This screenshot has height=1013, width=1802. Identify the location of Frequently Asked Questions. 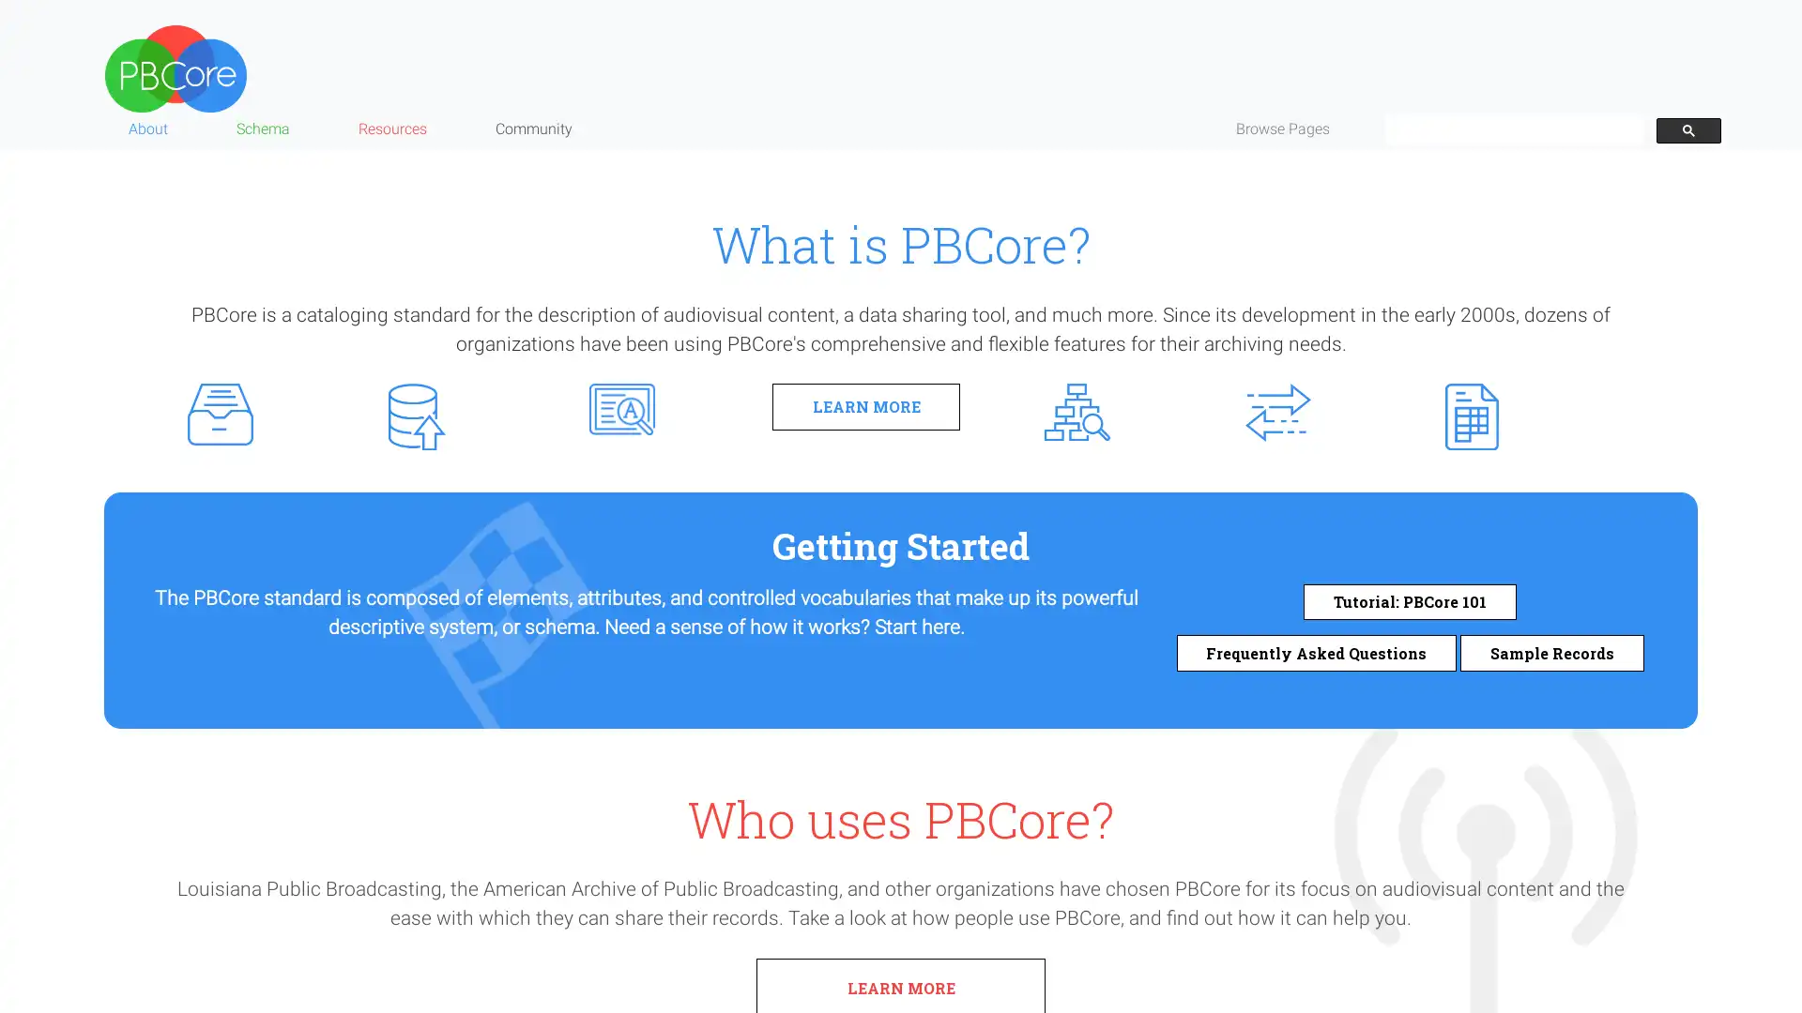
(1315, 651).